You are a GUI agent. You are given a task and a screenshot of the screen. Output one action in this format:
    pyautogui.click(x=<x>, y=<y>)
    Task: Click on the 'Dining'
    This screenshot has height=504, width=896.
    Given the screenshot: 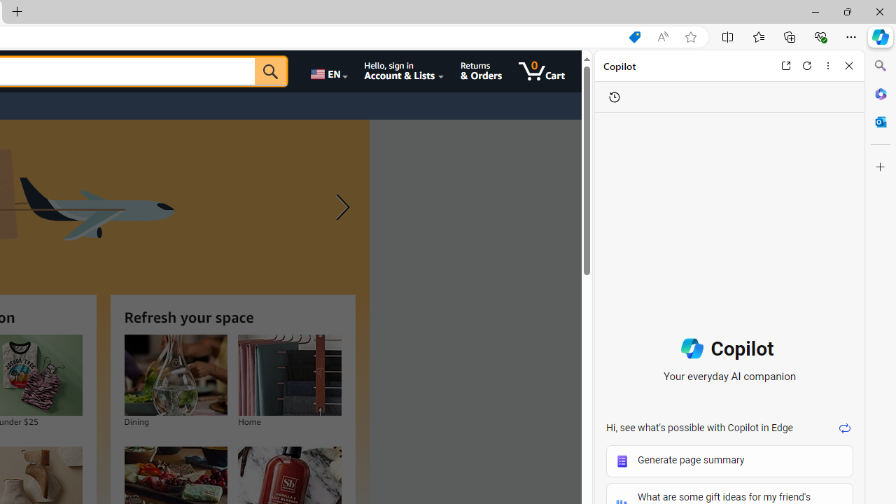 What is the action you would take?
    pyautogui.click(x=174, y=374)
    